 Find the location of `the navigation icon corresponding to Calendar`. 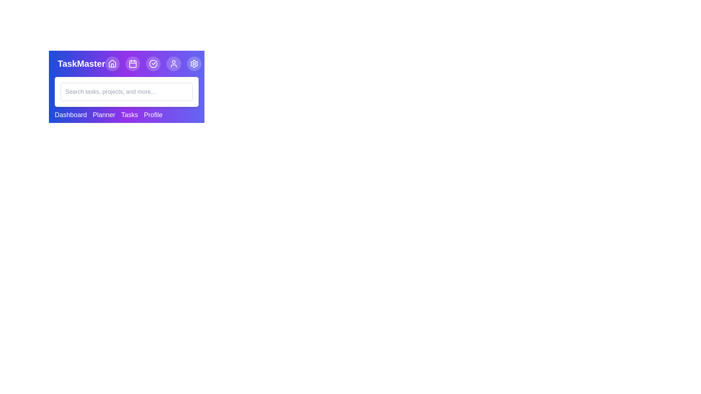

the navigation icon corresponding to Calendar is located at coordinates (133, 63).